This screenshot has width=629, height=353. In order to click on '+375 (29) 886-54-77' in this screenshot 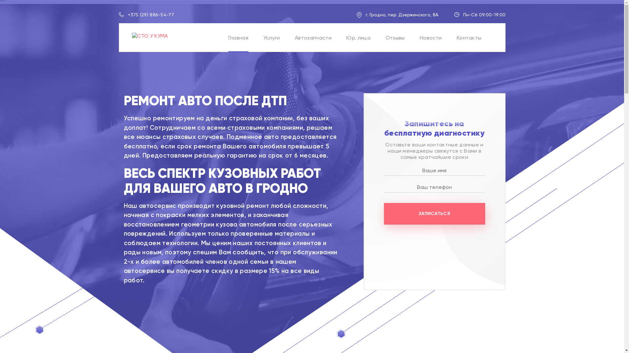, I will do `click(150, 15)`.